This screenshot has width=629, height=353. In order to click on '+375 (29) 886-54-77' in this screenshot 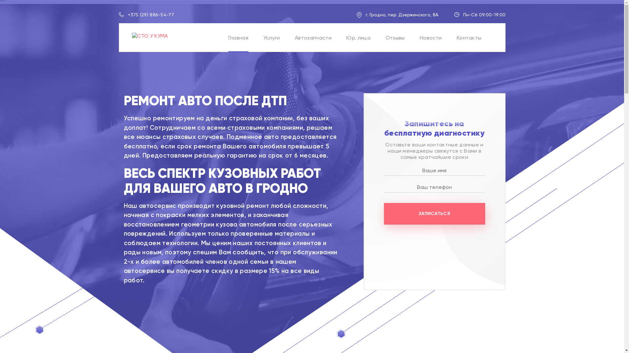, I will do `click(150, 15)`.